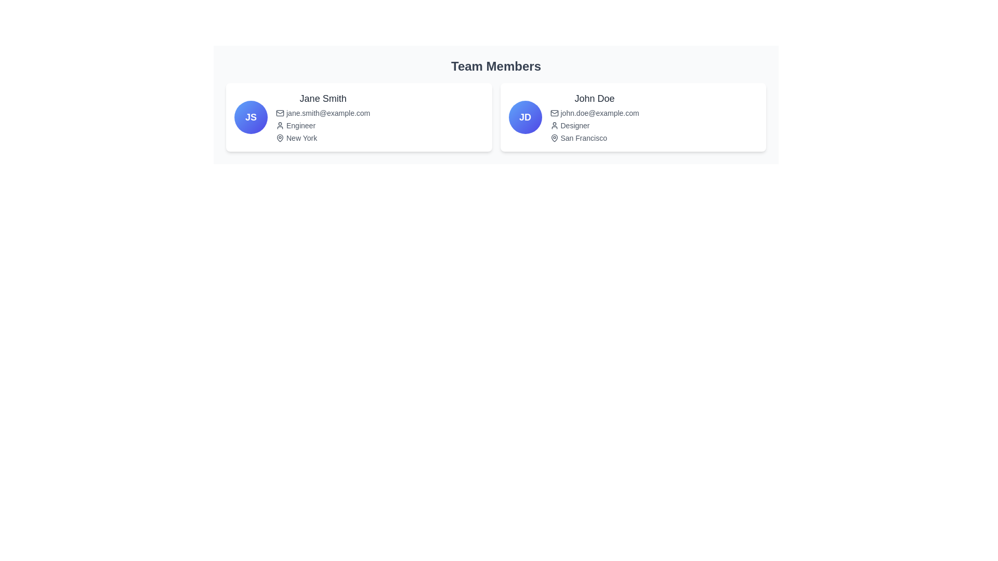  What do you see at coordinates (595, 113) in the screenshot?
I see `the text label displaying the email address 'john.doe@example.com' within the card for 'John Doe'` at bounding box center [595, 113].